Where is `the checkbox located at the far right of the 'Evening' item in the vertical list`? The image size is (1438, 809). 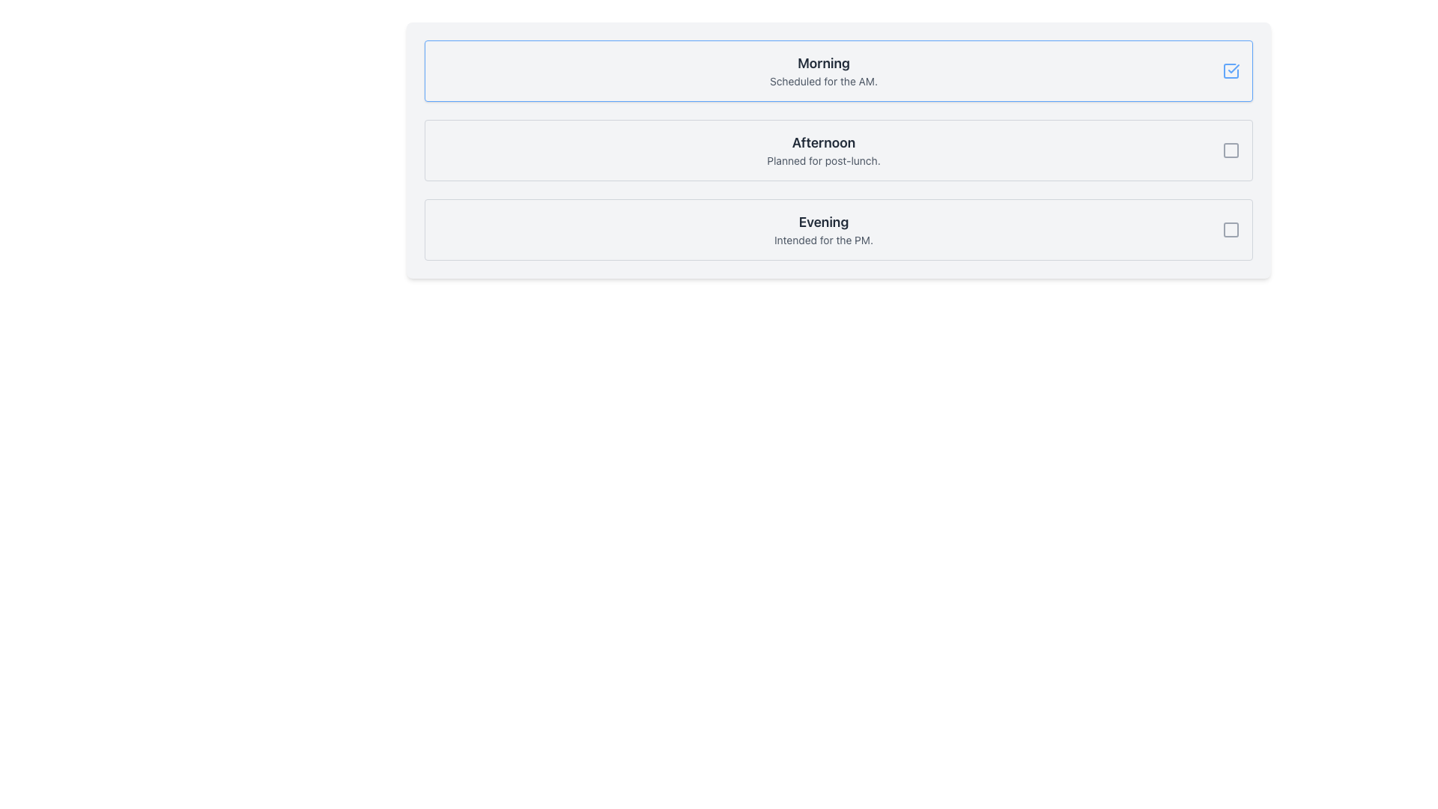 the checkbox located at the far right of the 'Evening' item in the vertical list is located at coordinates (1231, 230).